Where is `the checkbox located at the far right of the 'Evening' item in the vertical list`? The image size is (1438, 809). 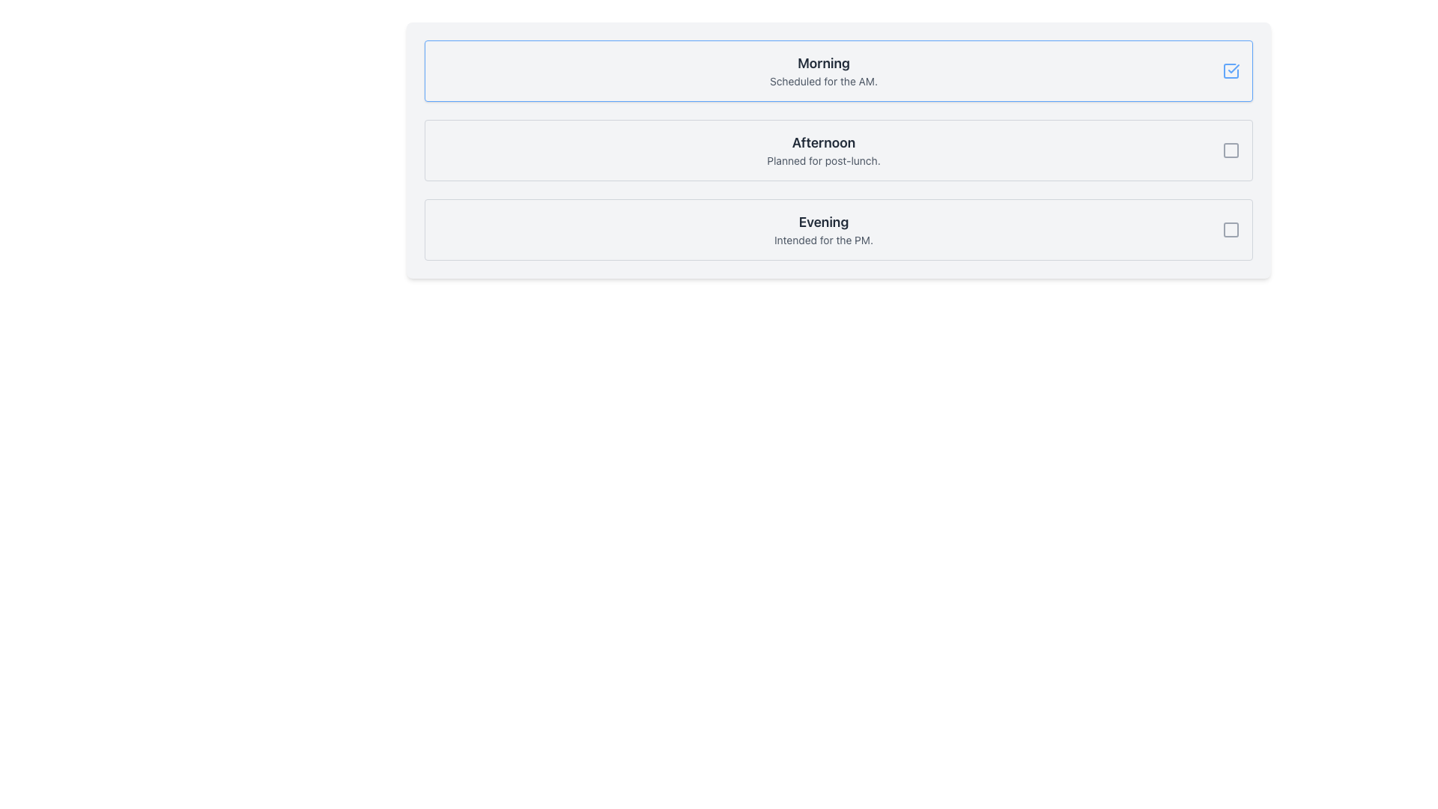 the checkbox located at the far right of the 'Evening' item in the vertical list is located at coordinates (1231, 230).